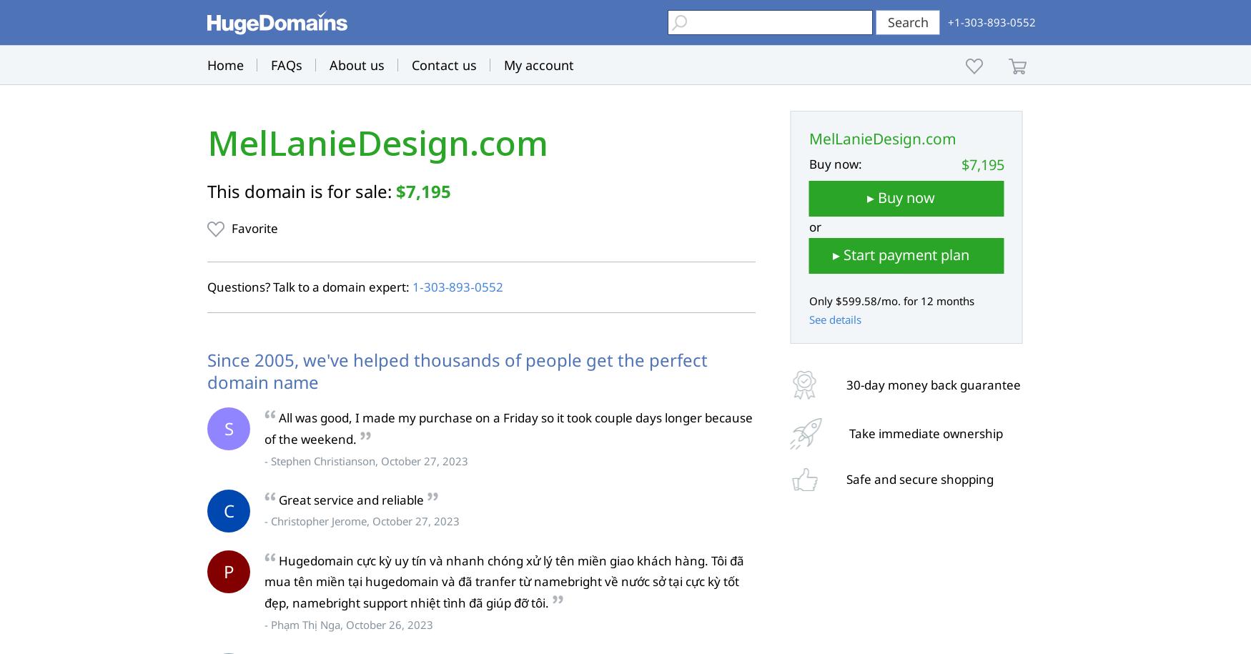 The width and height of the screenshot is (1251, 654). I want to click on 'Since 2005, we've helped thousands of people get the perfect domain name', so click(456, 370).